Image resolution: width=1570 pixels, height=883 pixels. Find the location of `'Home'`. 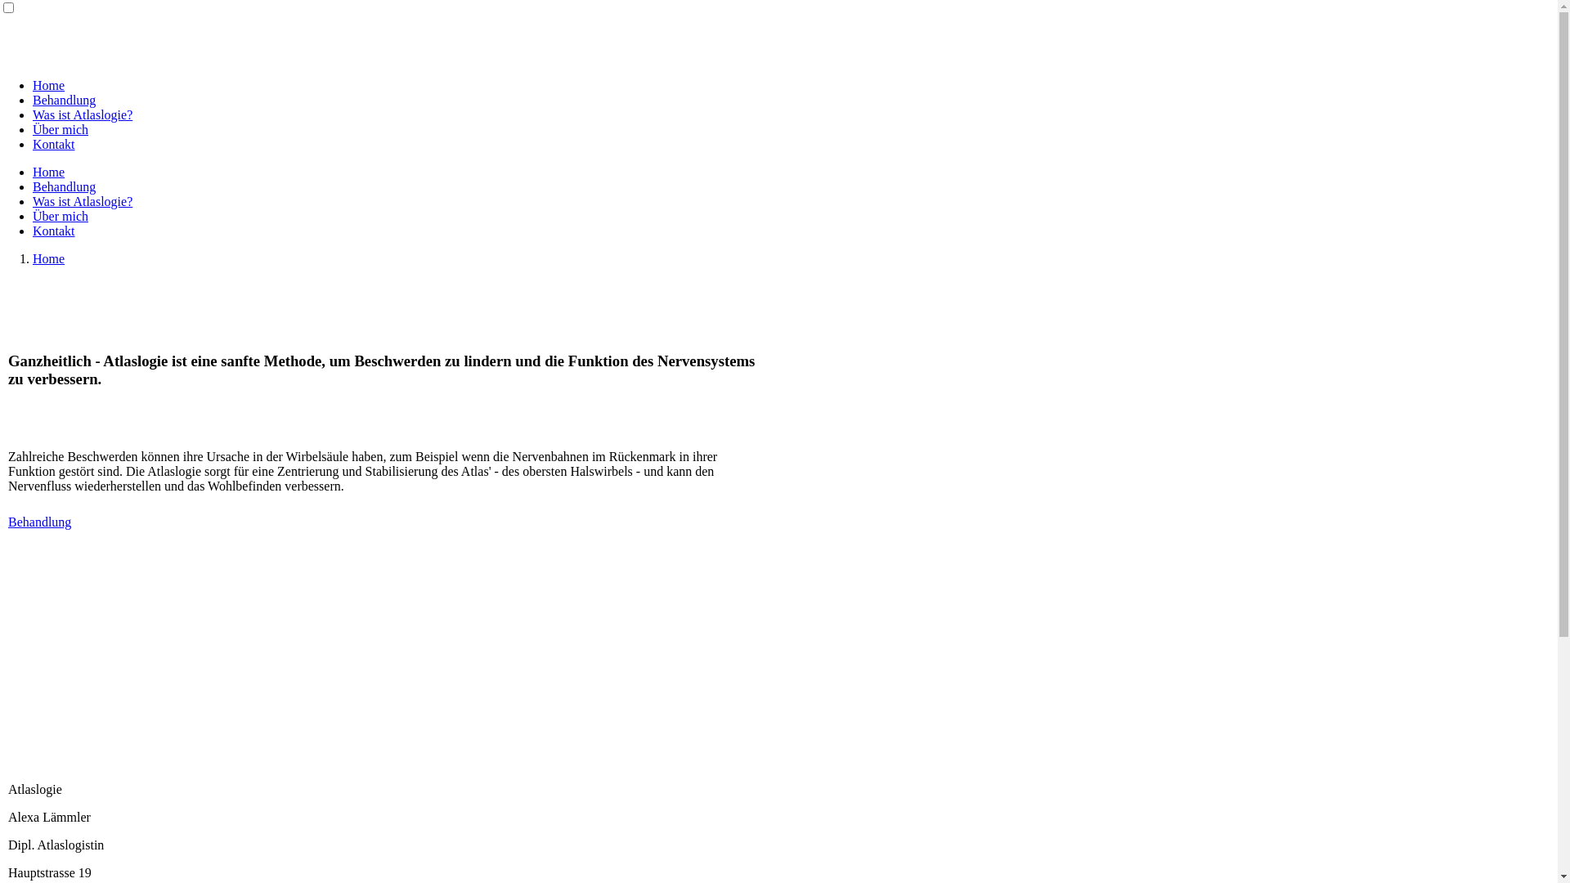

'Home' is located at coordinates (32, 172).